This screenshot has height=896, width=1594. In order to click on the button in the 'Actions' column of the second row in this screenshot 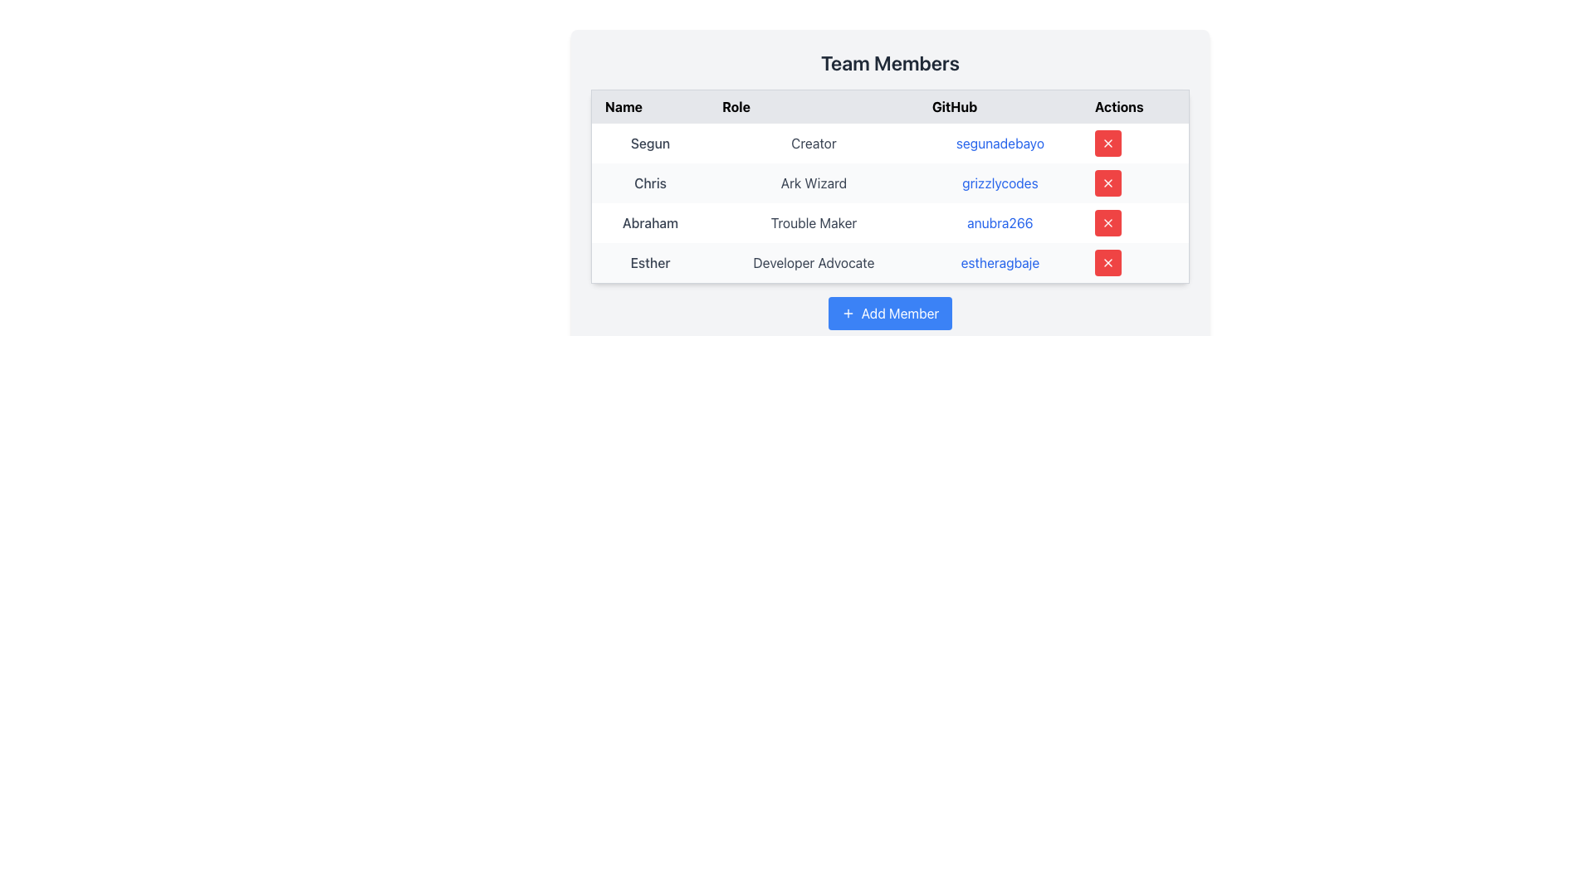, I will do `click(1107, 183)`.